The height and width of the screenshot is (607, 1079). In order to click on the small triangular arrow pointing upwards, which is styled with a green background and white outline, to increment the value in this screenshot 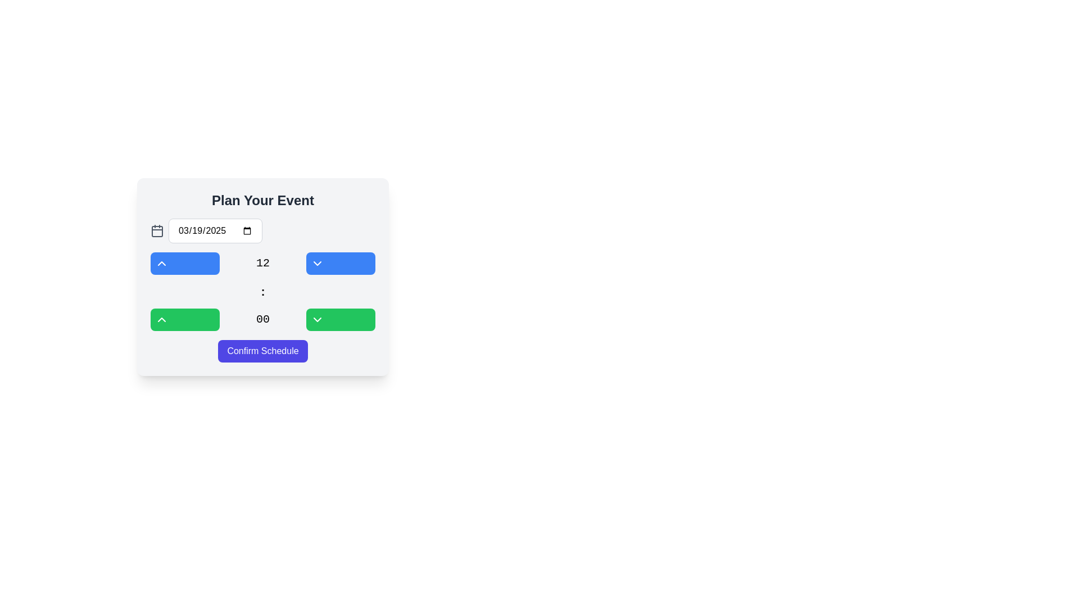, I will do `click(161, 320)`.